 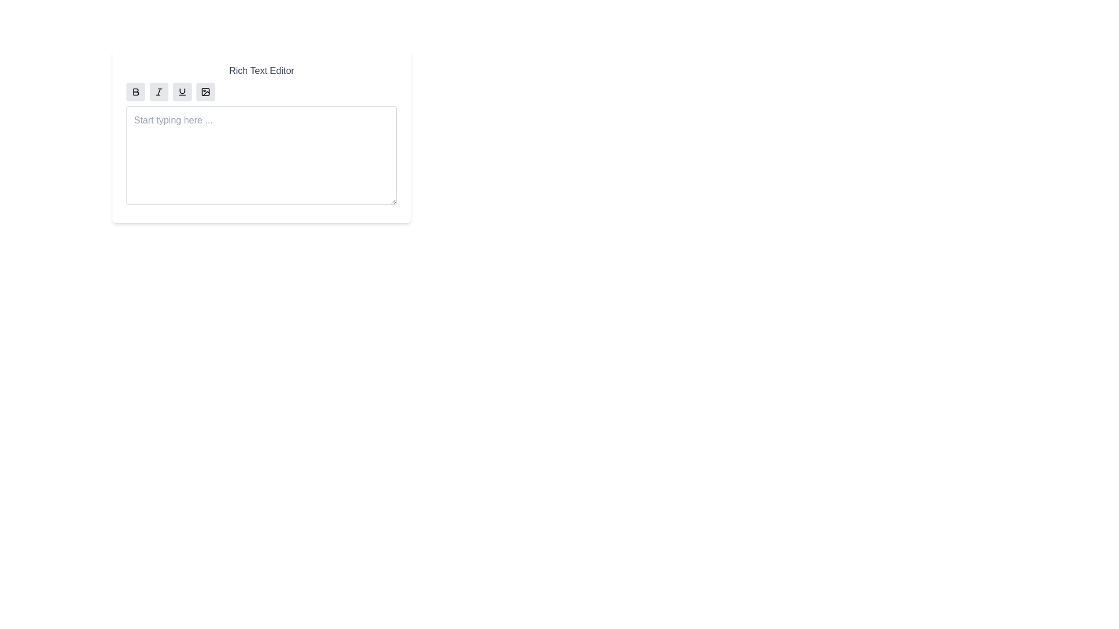 What do you see at coordinates (206, 91) in the screenshot?
I see `the 'Insert Image' button, which is the fourth button in the horizontal toolbar of the rich text editor` at bounding box center [206, 91].